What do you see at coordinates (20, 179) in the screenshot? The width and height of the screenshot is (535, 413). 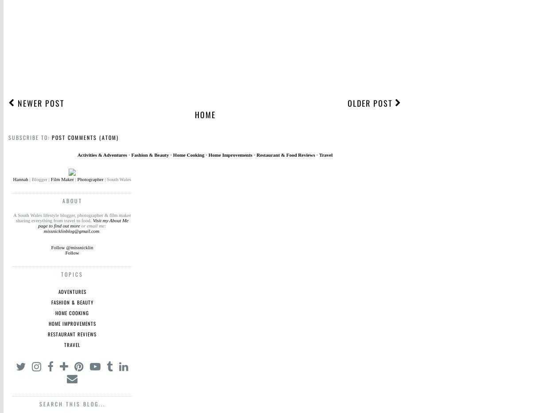 I see `'Hannah'` at bounding box center [20, 179].